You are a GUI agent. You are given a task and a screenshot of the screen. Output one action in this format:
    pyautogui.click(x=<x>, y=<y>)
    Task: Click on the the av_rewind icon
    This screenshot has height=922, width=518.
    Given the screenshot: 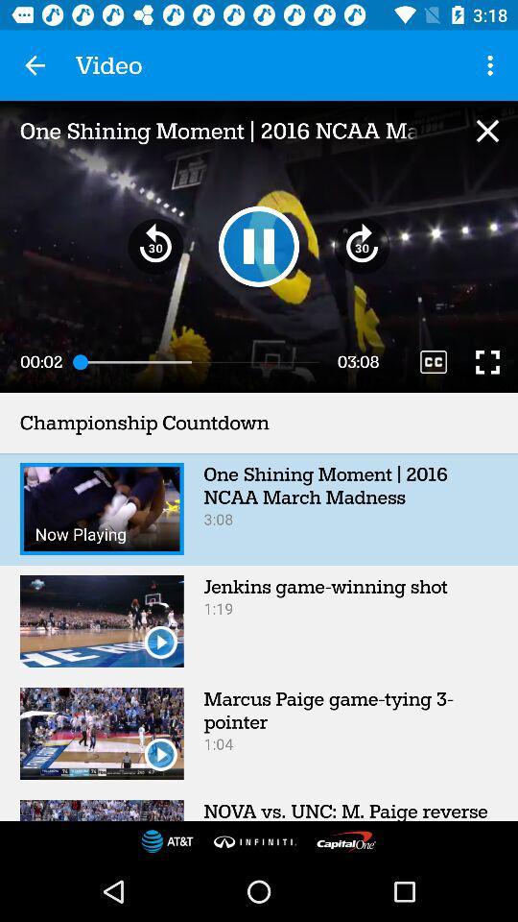 What is the action you would take?
    pyautogui.click(x=154, y=245)
    